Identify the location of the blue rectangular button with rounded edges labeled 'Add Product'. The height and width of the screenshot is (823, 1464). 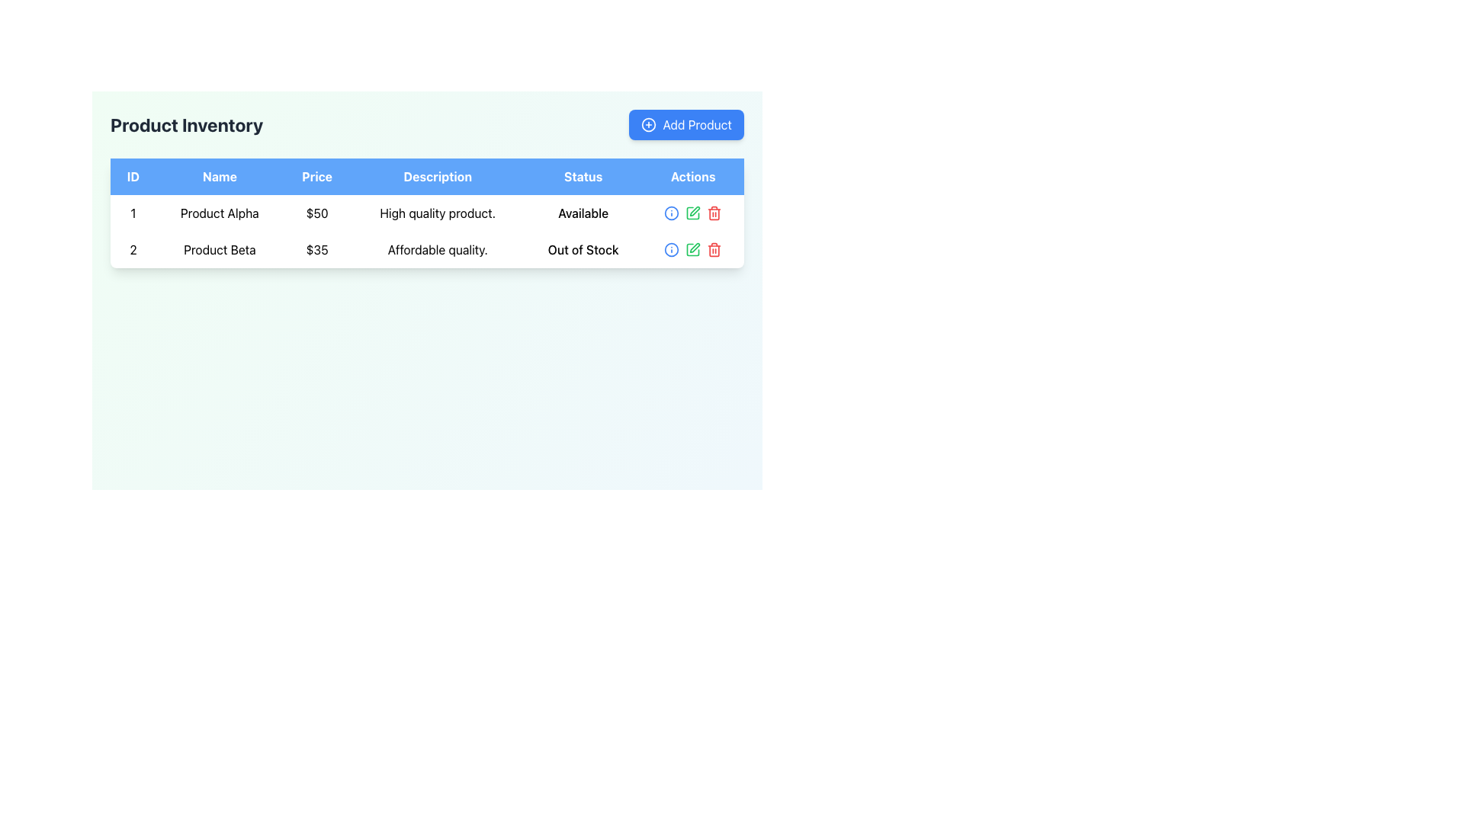
(685, 124).